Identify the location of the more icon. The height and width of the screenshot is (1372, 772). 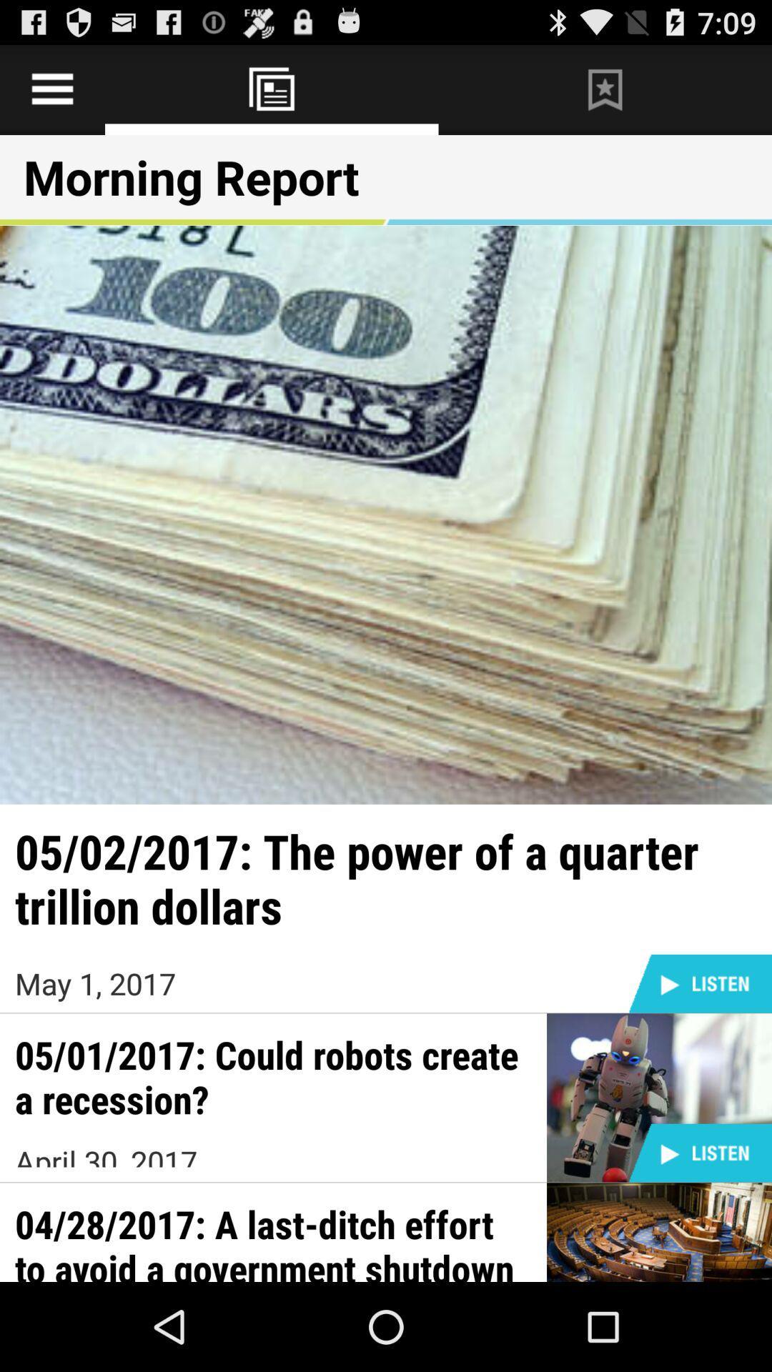
(272, 95).